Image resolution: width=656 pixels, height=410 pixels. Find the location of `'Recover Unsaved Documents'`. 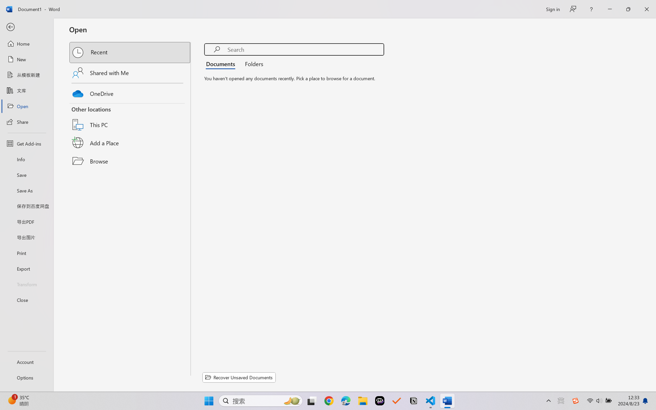

'Recover Unsaved Documents' is located at coordinates (239, 377).